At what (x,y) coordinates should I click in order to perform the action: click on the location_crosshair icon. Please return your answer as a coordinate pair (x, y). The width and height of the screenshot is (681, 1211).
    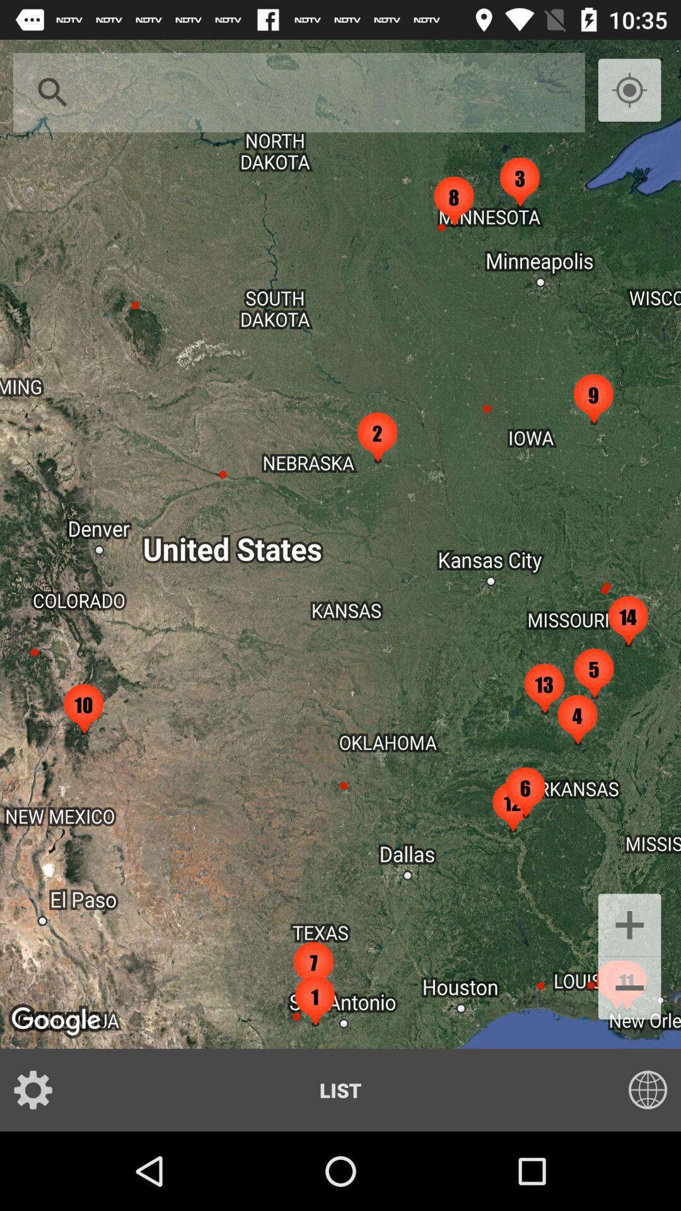
    Looking at the image, I should click on (629, 90).